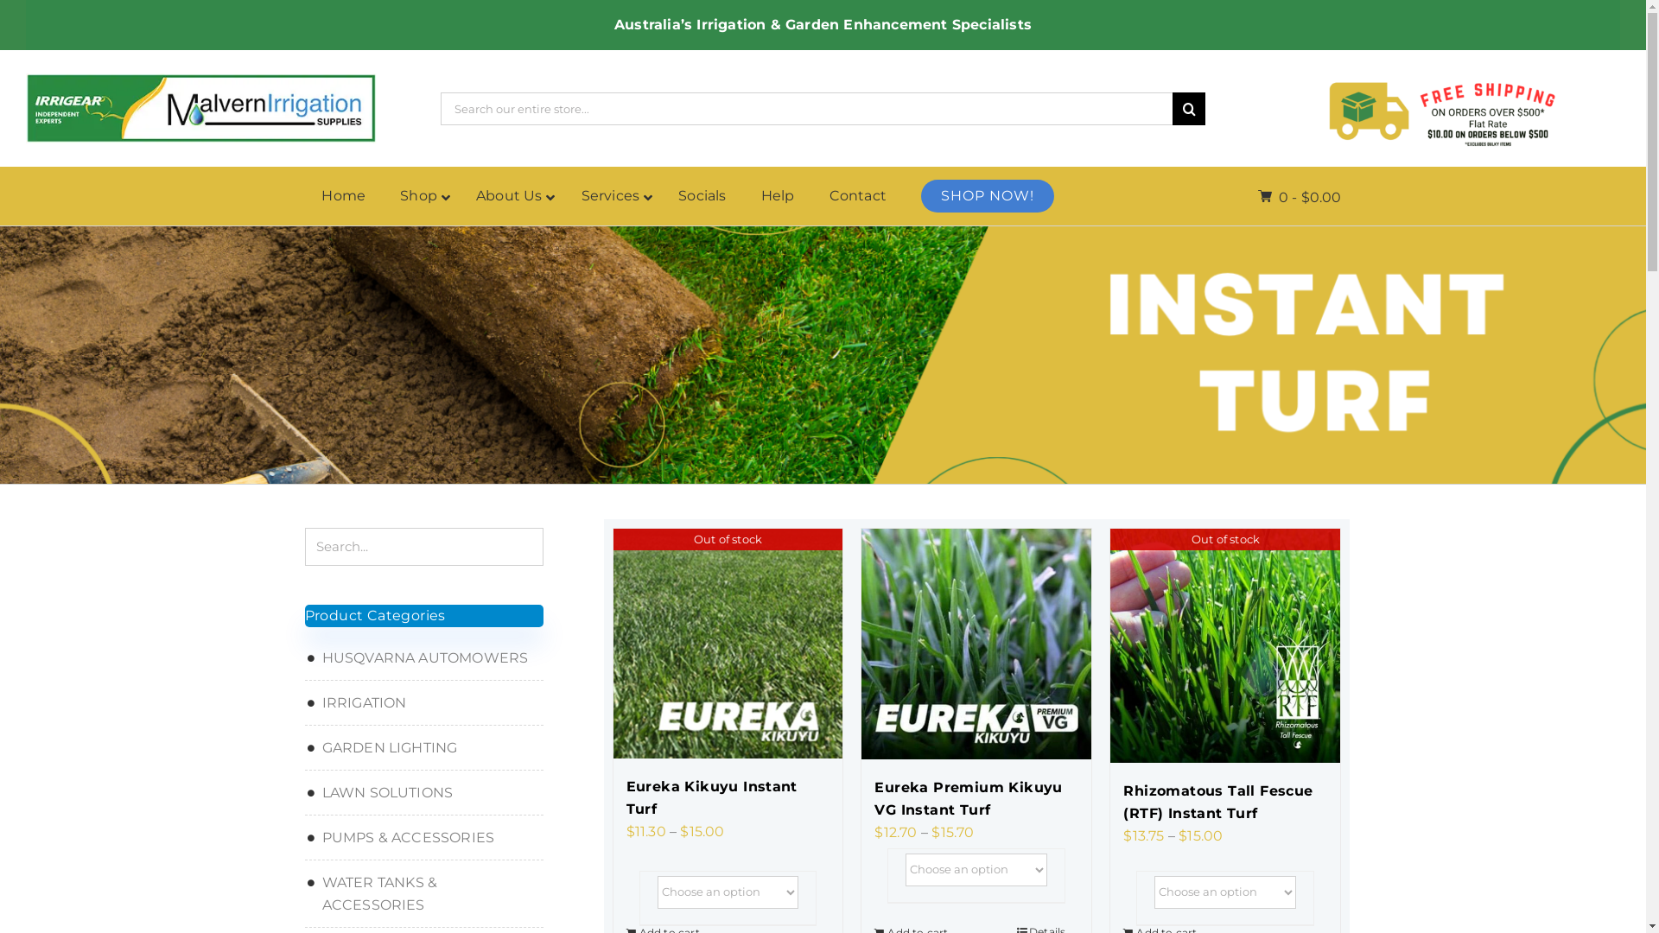  Describe the element at coordinates (423, 747) in the screenshot. I see `'GARDEN LIGHTING'` at that location.